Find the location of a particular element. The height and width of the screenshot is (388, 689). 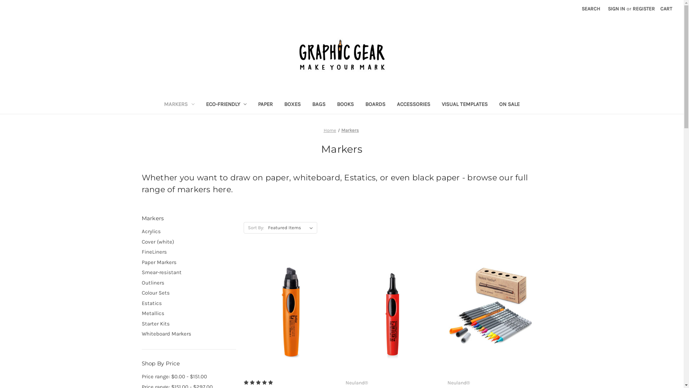

'Price range: $0.00 - $151.00' is located at coordinates (188, 376).